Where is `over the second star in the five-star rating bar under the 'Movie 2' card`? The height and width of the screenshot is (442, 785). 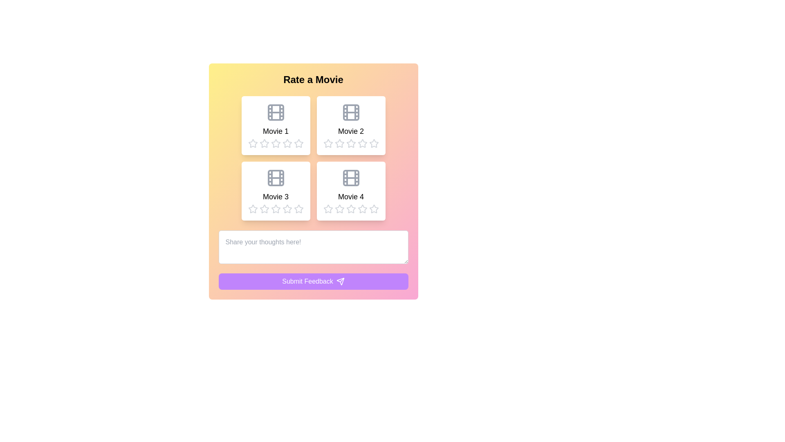
over the second star in the five-star rating bar under the 'Movie 2' card is located at coordinates (362, 143).